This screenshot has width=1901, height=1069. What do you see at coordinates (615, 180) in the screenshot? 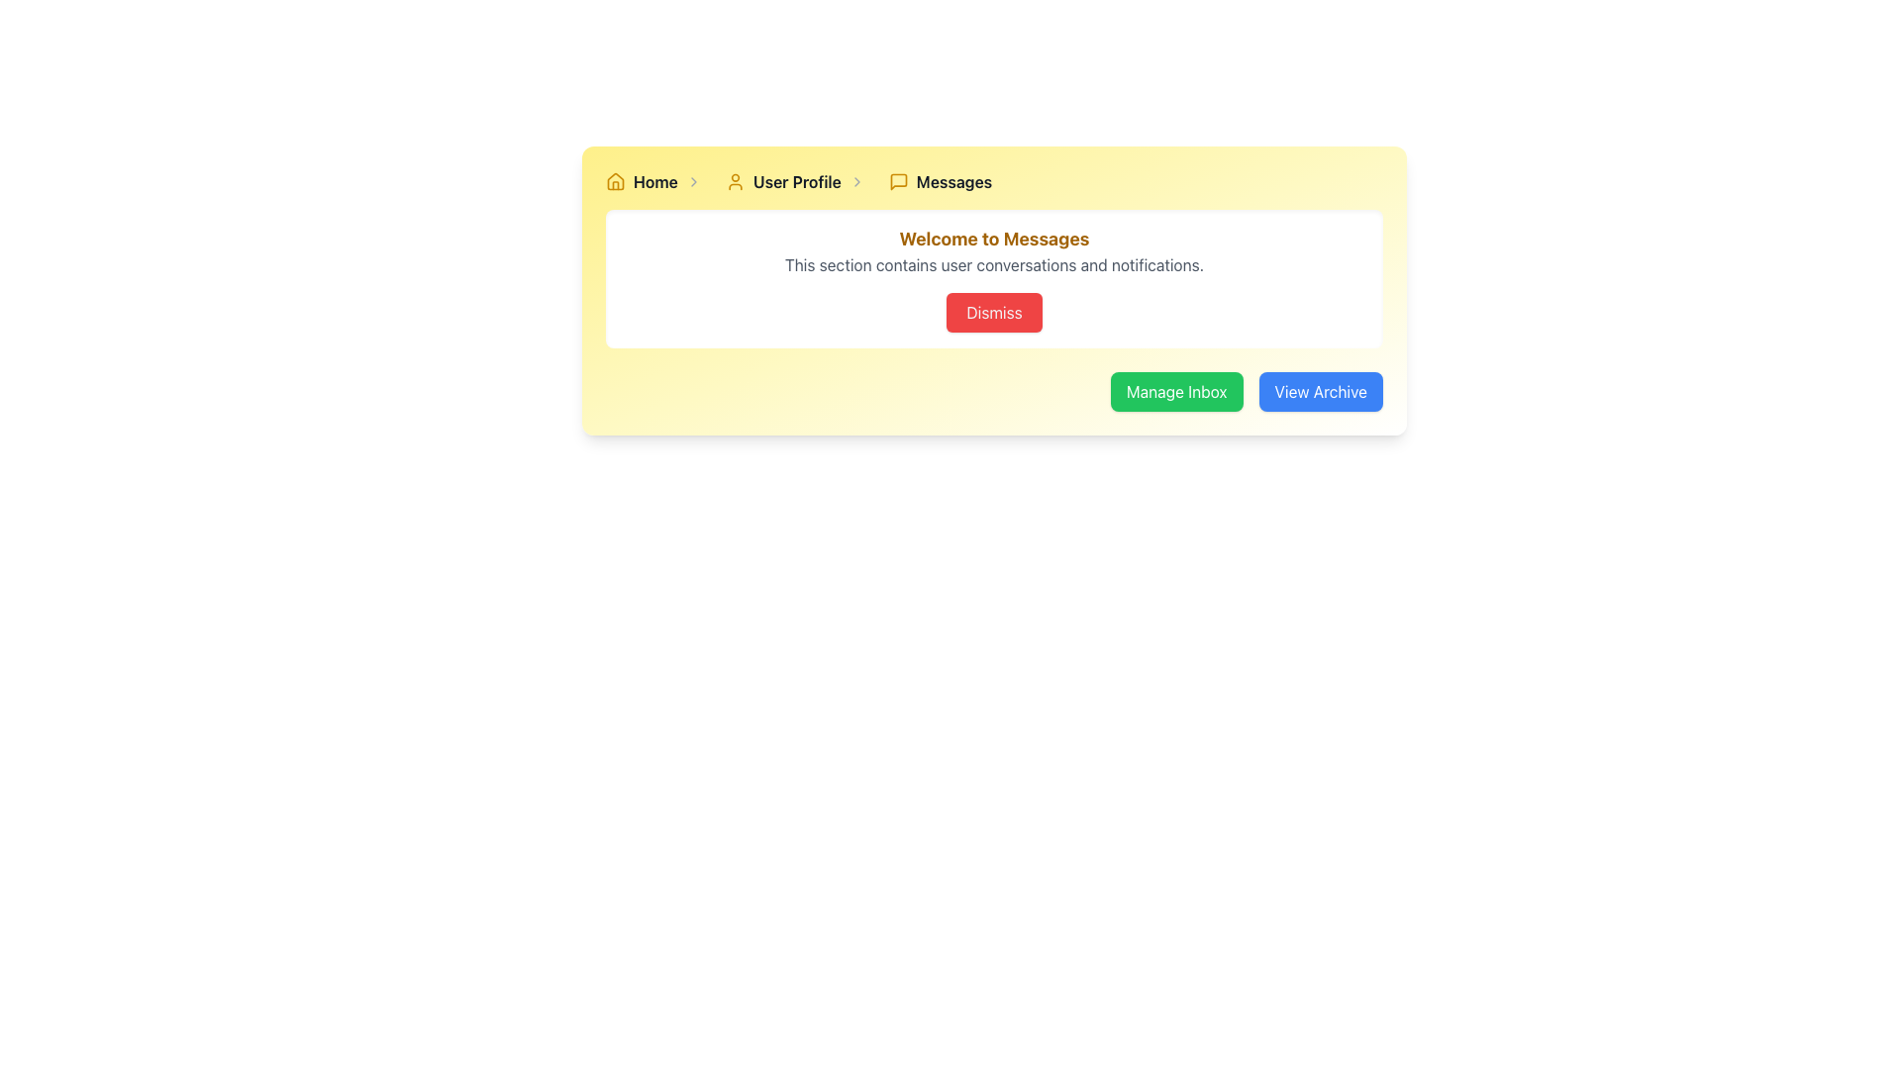
I see `the yellow house-shaped icon in the breadcrumb navigation bar` at bounding box center [615, 180].